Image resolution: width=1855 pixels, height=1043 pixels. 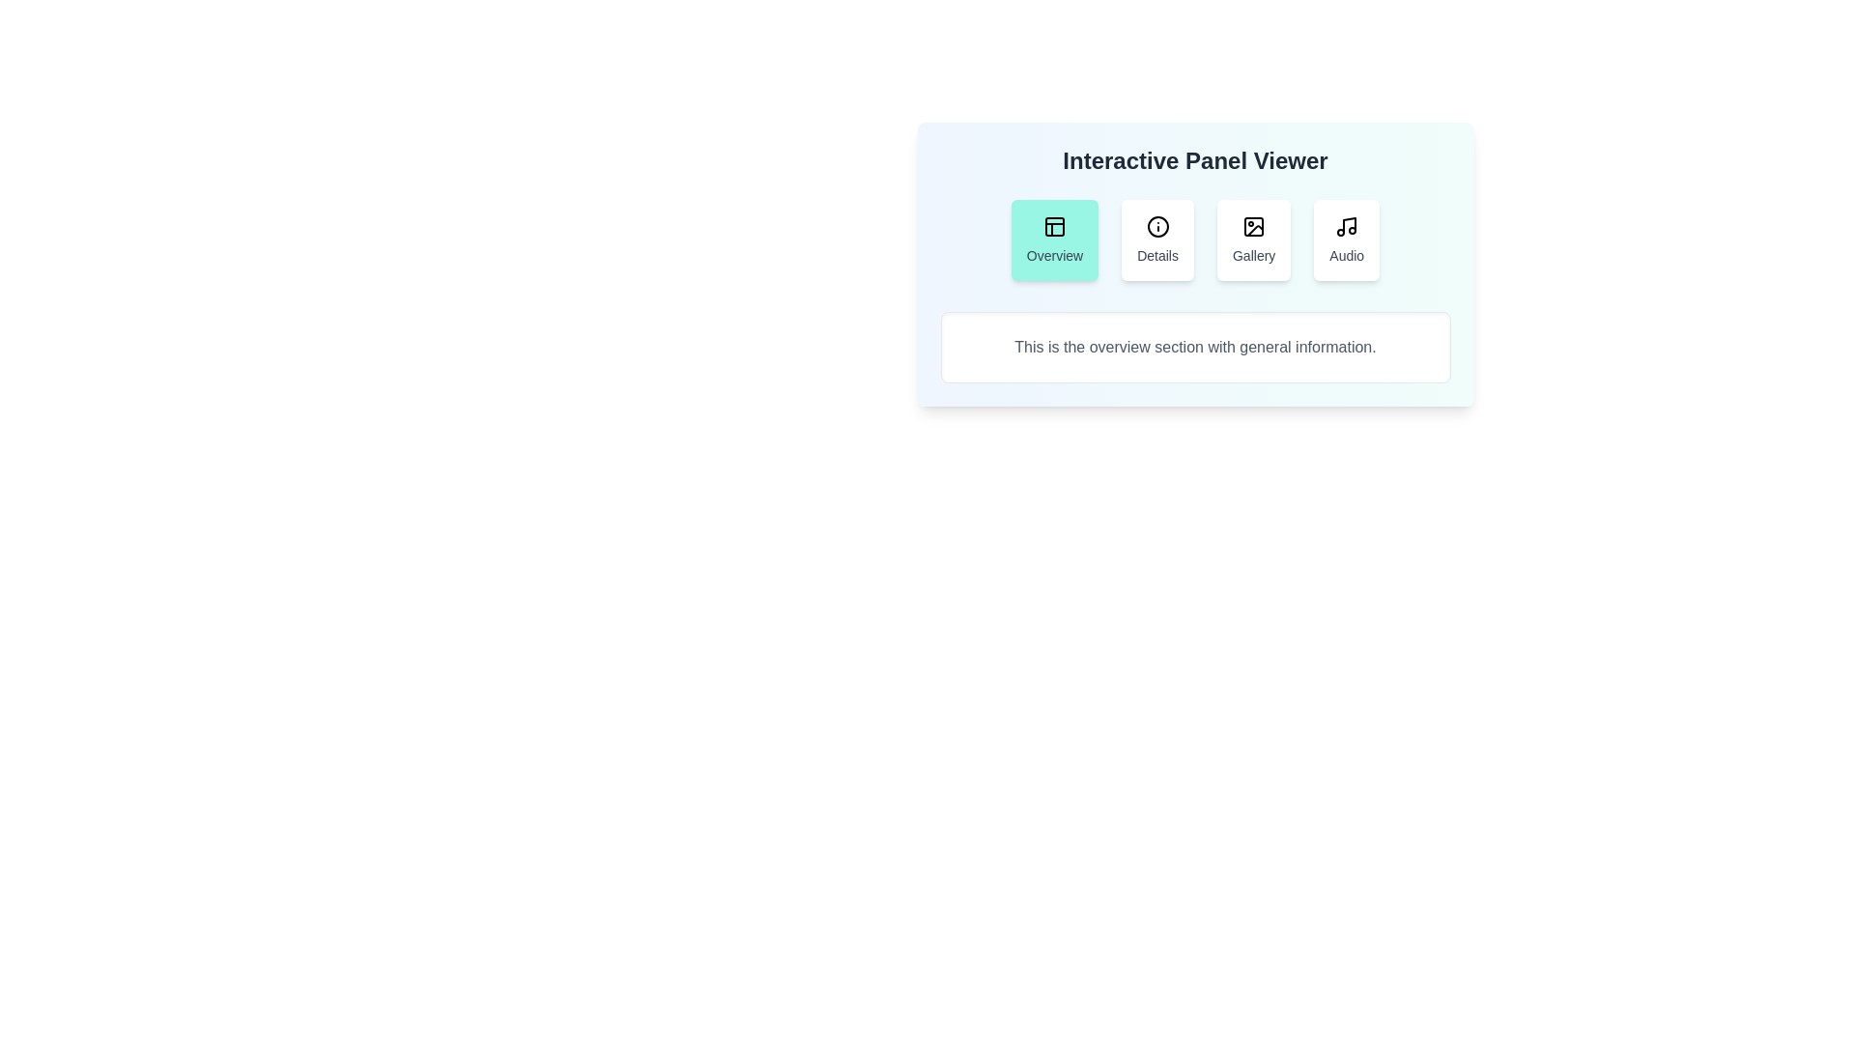 What do you see at coordinates (1346, 226) in the screenshot?
I see `the 'Audio' icon located in the bottom-right corner of the top row in the interactive panel, which represents sound-related features` at bounding box center [1346, 226].